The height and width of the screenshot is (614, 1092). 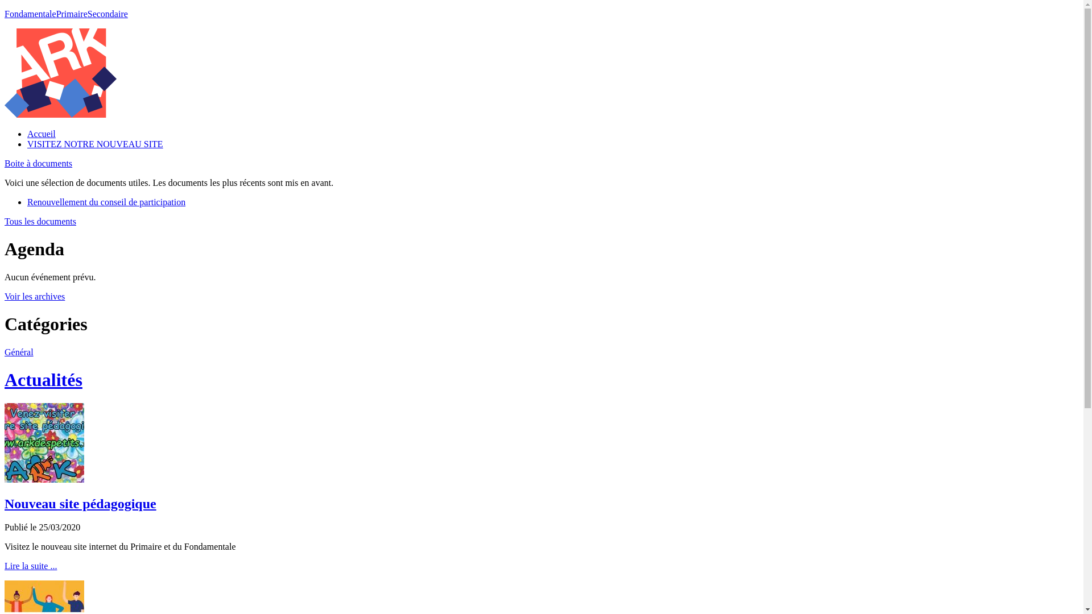 What do you see at coordinates (30, 14) in the screenshot?
I see `'Fondamentale'` at bounding box center [30, 14].